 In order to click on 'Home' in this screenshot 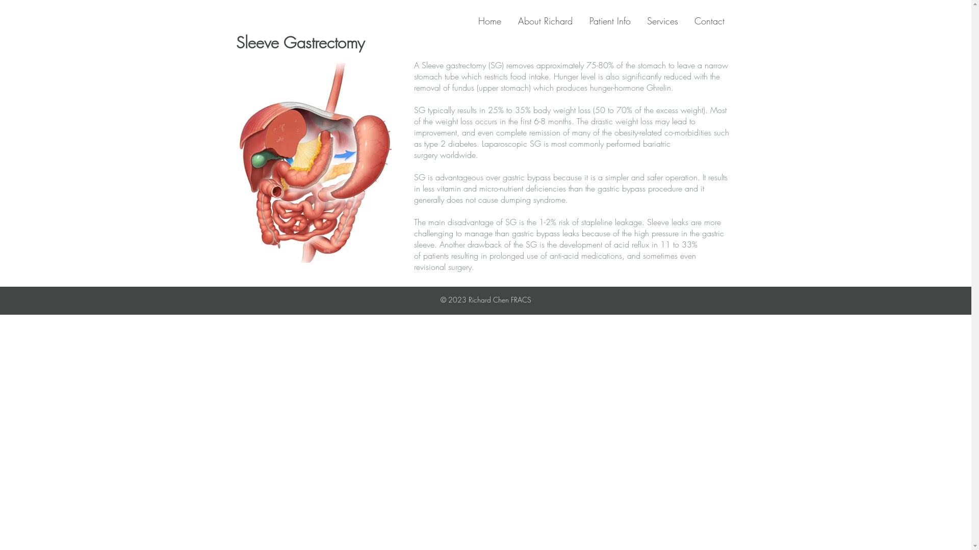, I will do `click(493, 21)`.